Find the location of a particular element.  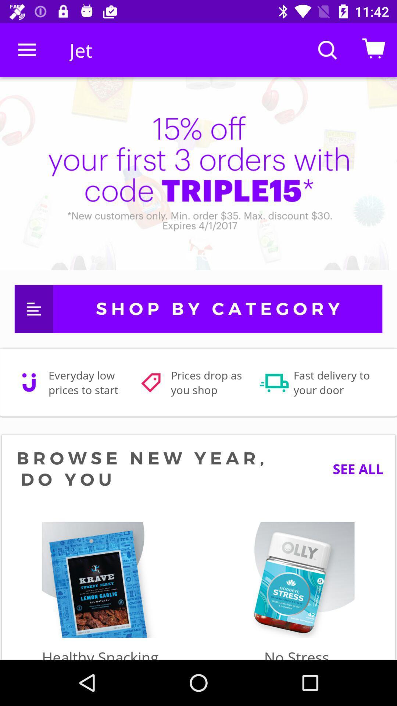

the icon to the left of jet item is located at coordinates (26, 50).